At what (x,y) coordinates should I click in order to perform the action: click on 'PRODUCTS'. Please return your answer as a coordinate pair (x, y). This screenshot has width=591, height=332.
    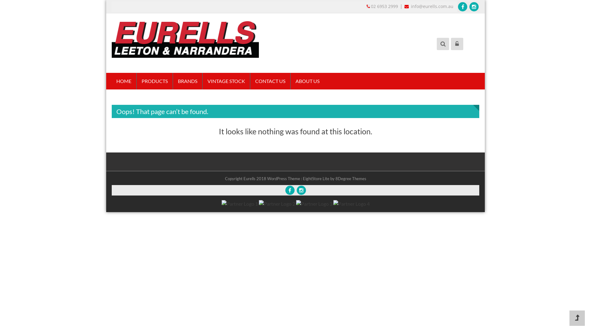
    Looking at the image, I should click on (155, 81).